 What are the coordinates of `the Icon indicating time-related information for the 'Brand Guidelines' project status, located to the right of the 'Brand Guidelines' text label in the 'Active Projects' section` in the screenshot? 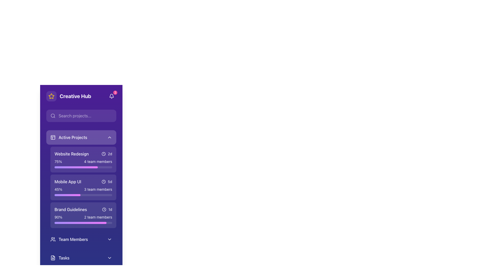 It's located at (107, 209).